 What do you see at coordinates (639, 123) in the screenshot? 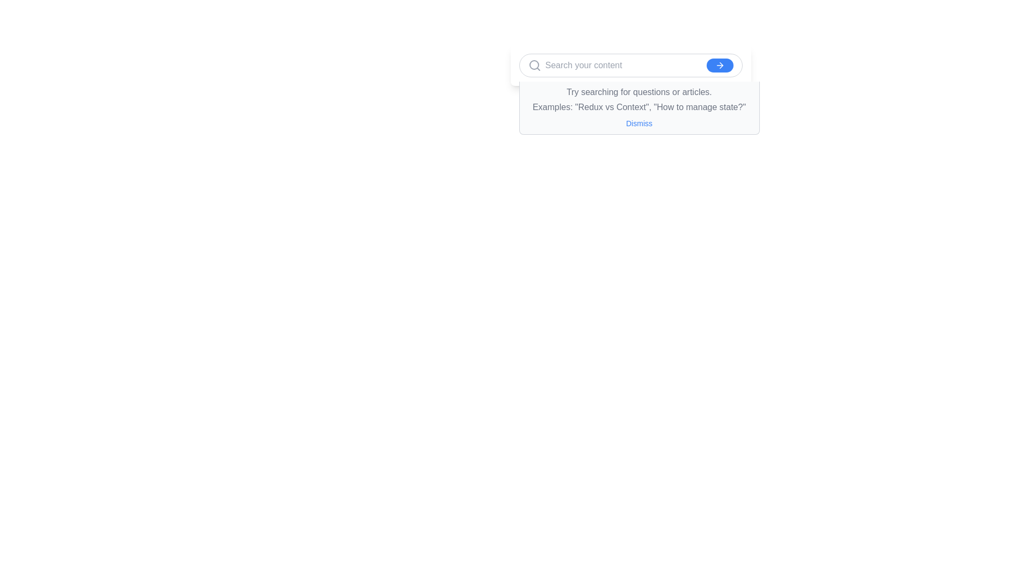
I see `the dismiss button located at the bottom-right corner of the suggestion box to close or hide it` at bounding box center [639, 123].